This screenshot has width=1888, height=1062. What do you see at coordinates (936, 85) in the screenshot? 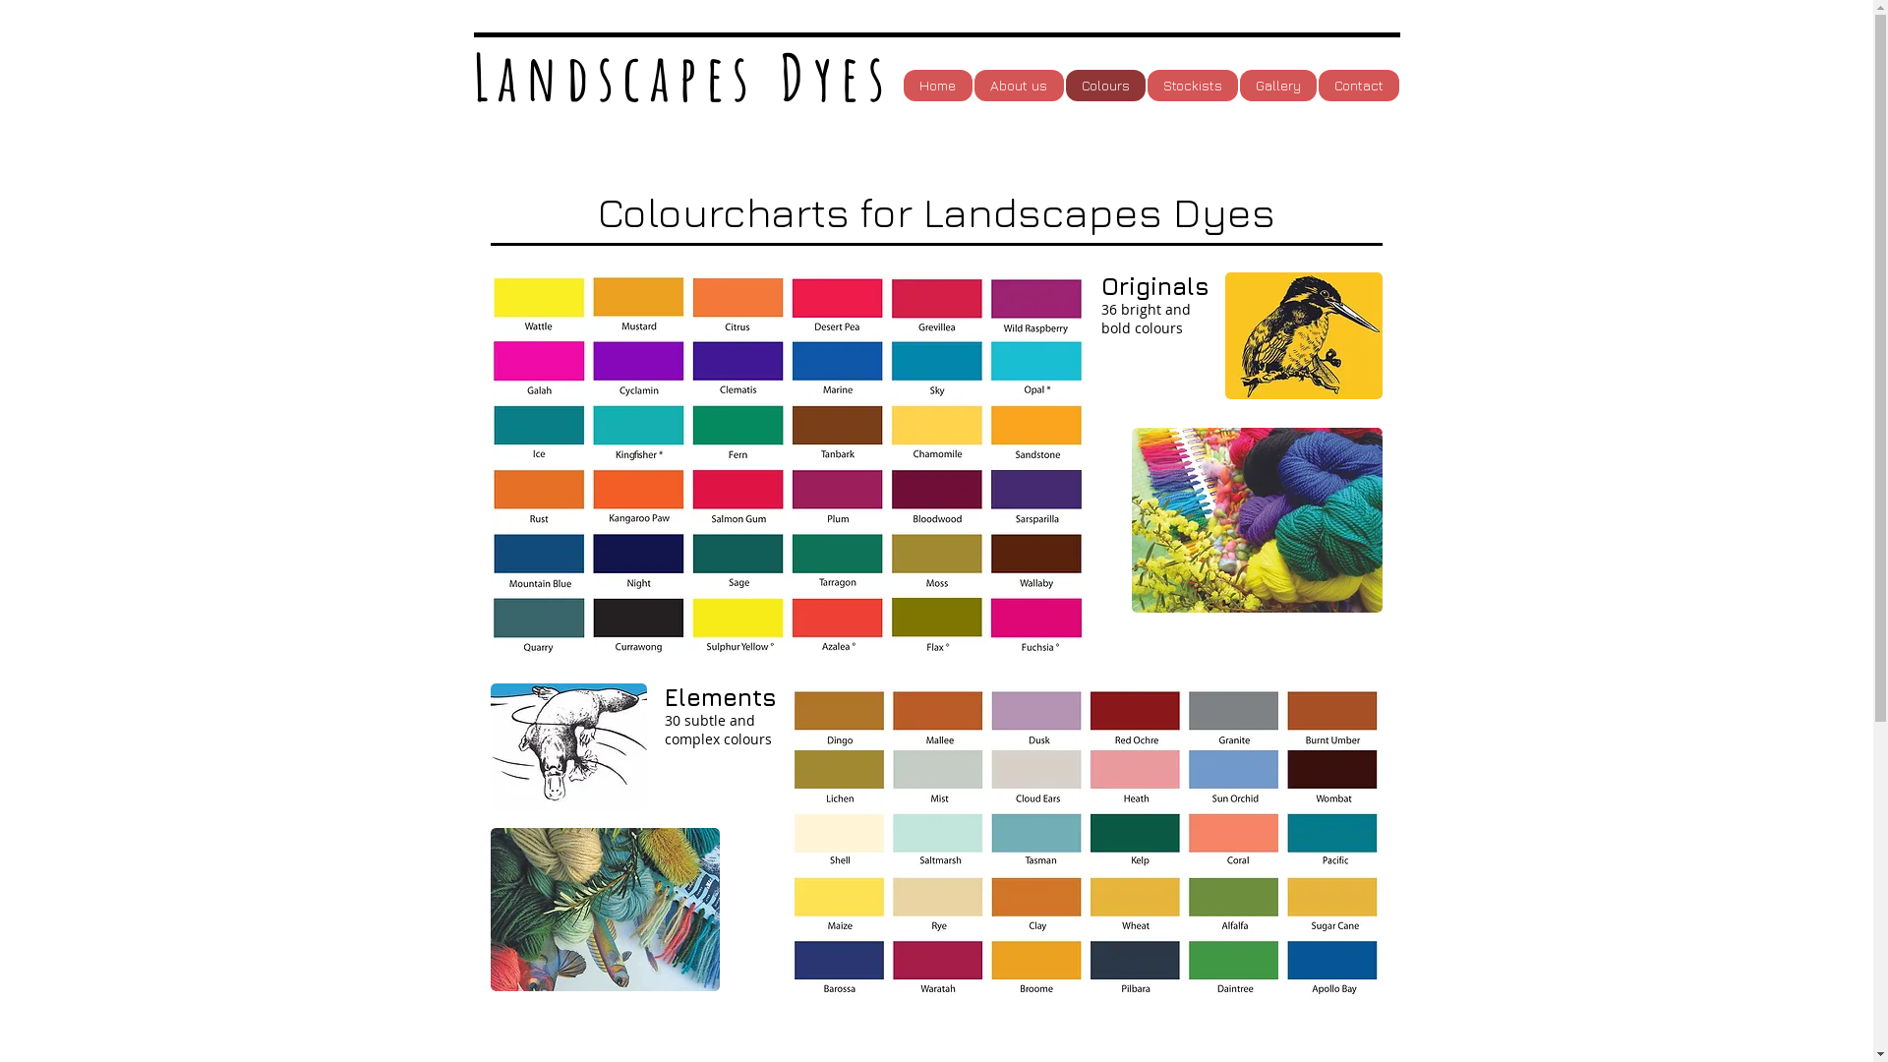
I see `'Home'` at bounding box center [936, 85].